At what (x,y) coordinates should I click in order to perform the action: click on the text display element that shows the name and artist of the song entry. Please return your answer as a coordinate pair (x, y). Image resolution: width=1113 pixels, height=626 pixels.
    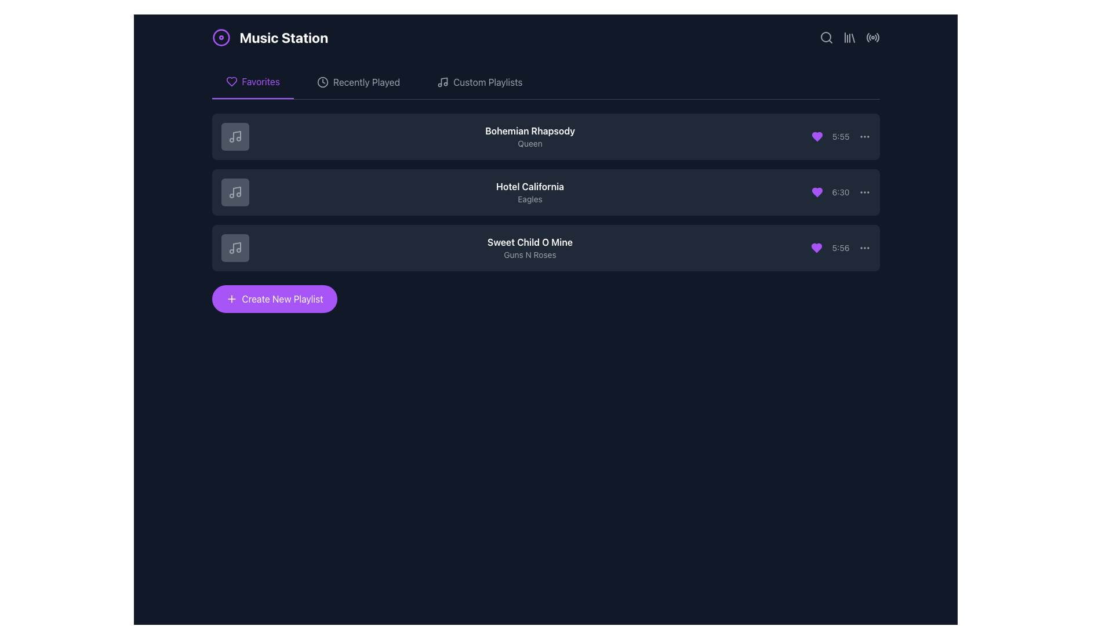
    Looking at the image, I should click on (529, 191).